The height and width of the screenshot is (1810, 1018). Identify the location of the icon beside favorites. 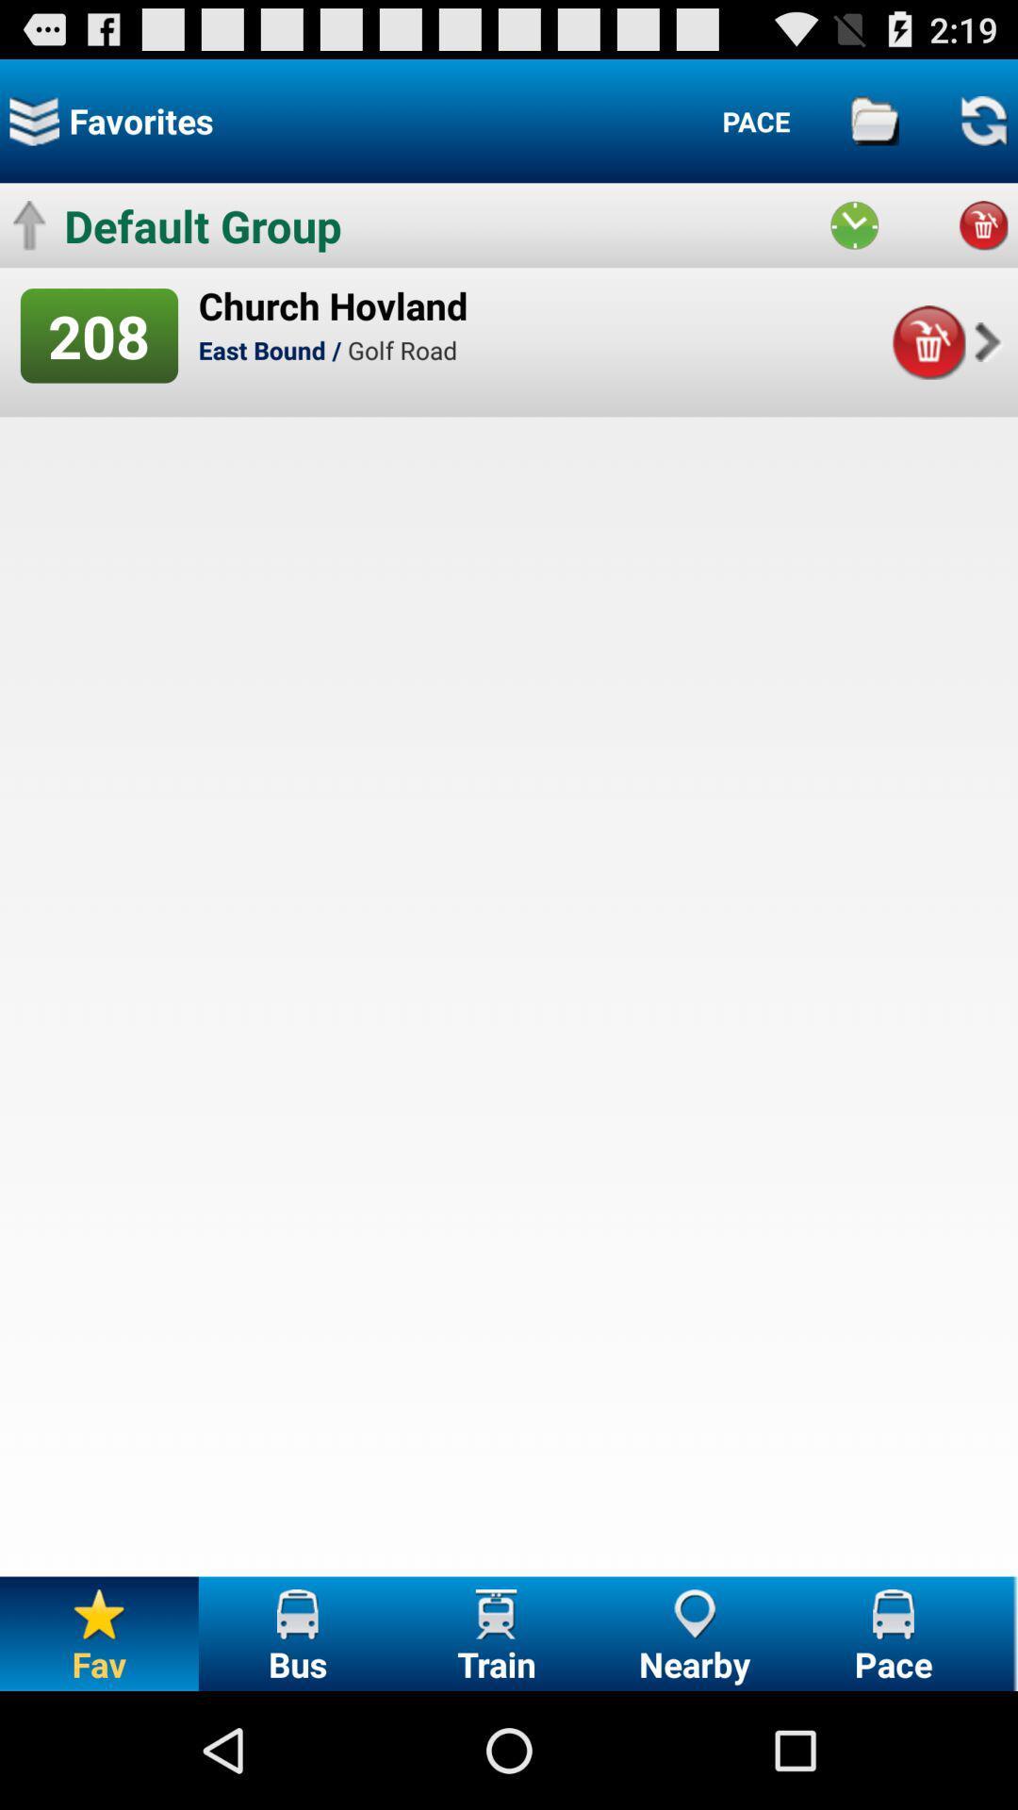
(35, 120).